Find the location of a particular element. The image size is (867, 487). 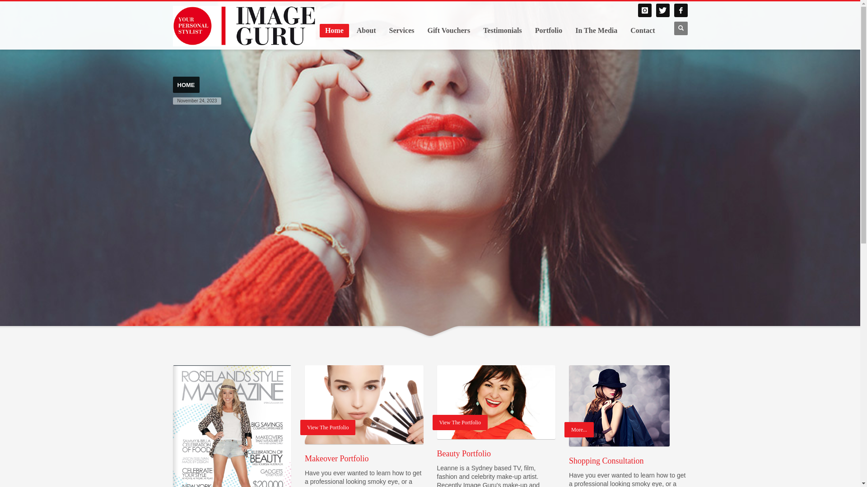

'Services' is located at coordinates (401, 30).